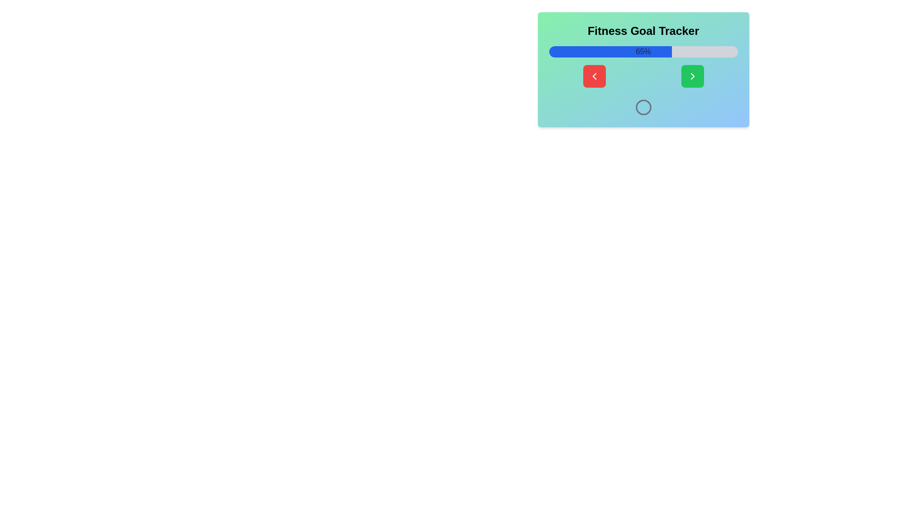 The height and width of the screenshot is (509, 906). Describe the element at coordinates (692, 76) in the screenshot. I see `the navigational button located on the right side of the layout` at that location.